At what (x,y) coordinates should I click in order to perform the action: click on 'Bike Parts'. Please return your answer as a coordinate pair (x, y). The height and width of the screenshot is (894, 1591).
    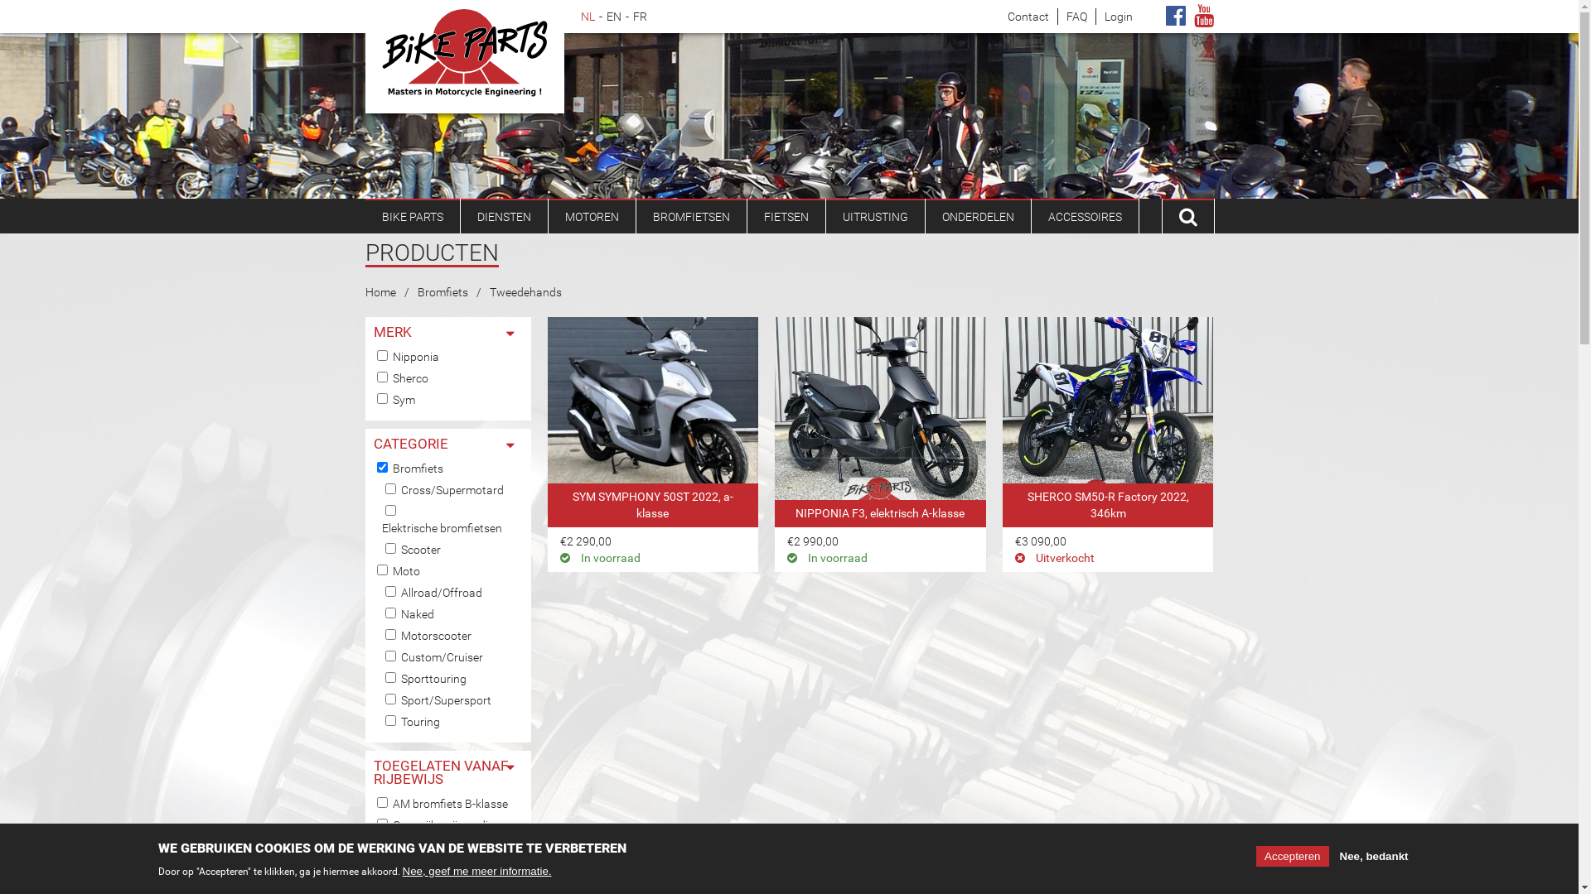
    Looking at the image, I should click on (380, 51).